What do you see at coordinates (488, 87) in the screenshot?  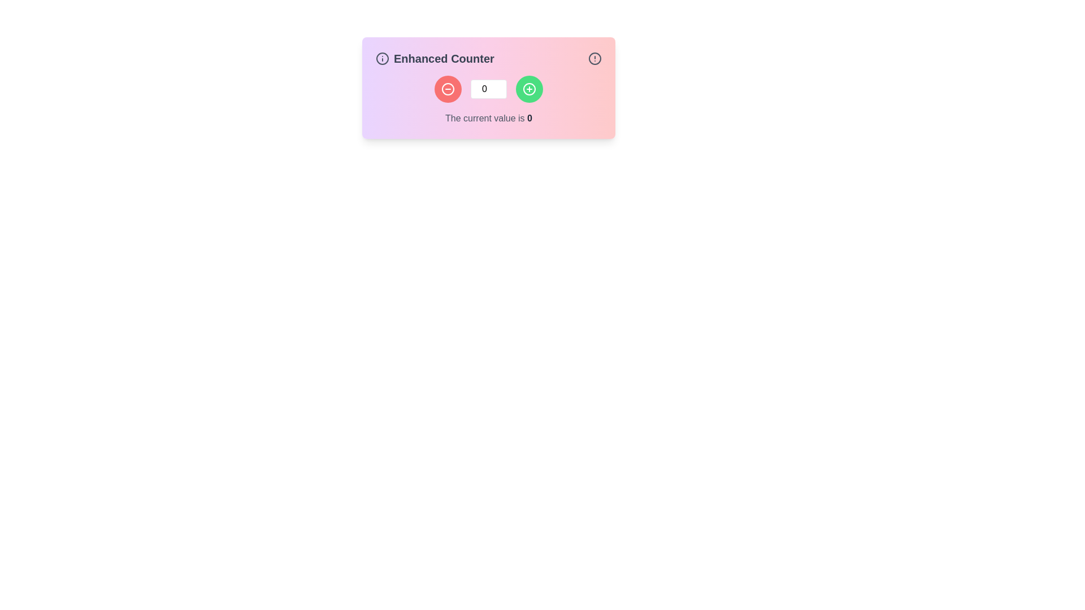 I see `the input field of the 'Enhanced Counter' component for keyboard input` at bounding box center [488, 87].